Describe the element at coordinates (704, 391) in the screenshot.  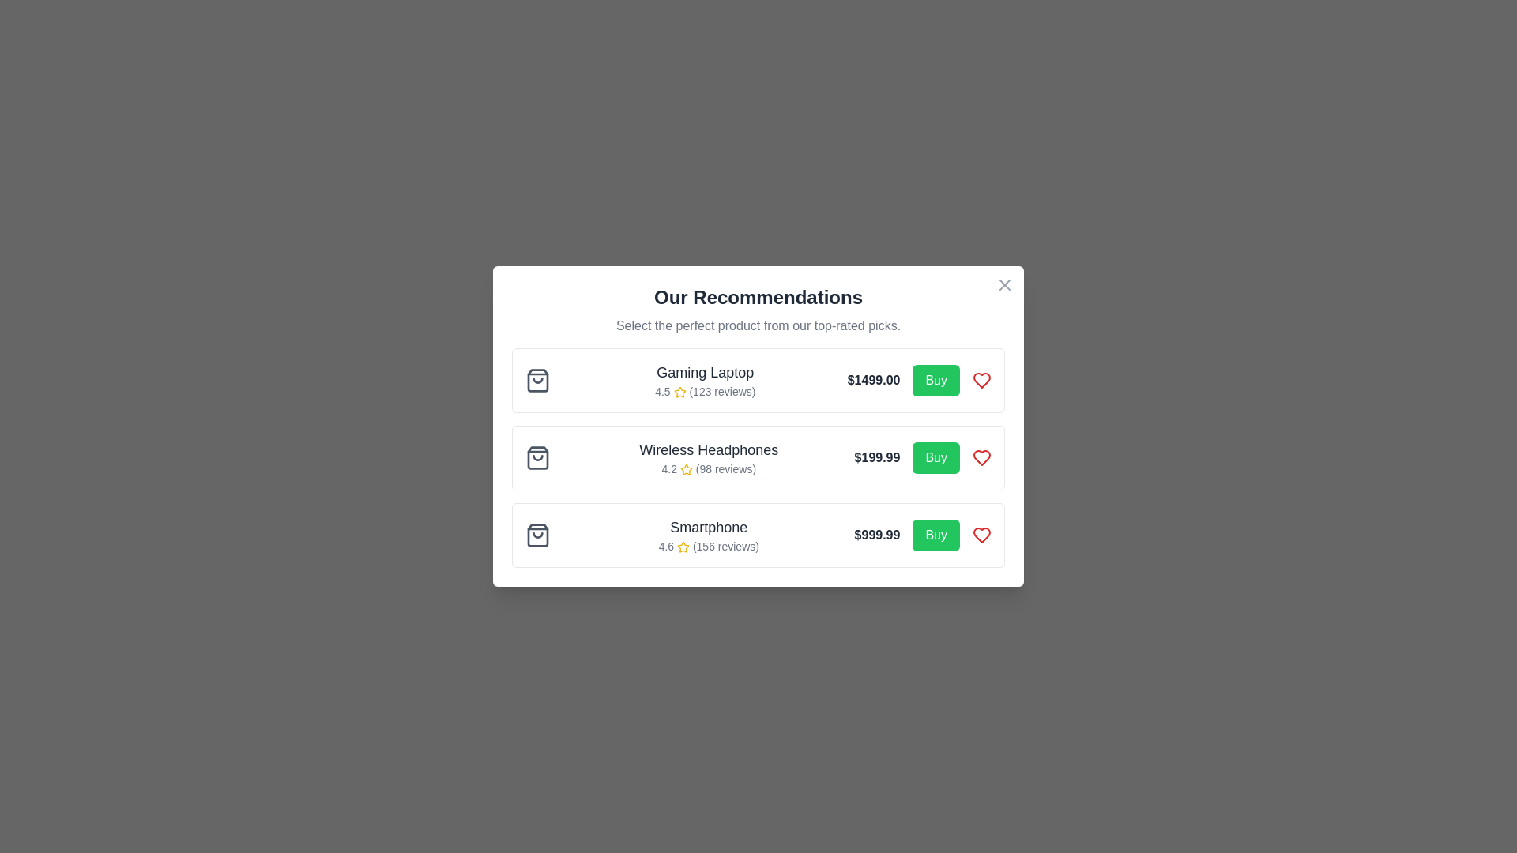
I see `the text element displaying '4.5 (123 reviews)' with a gold star icon, located below the title 'Gaming Laptop'` at that location.